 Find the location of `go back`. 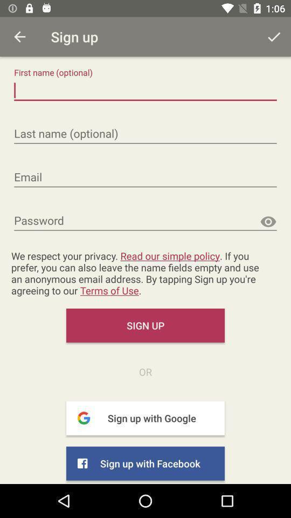

go back is located at coordinates (19, 37).